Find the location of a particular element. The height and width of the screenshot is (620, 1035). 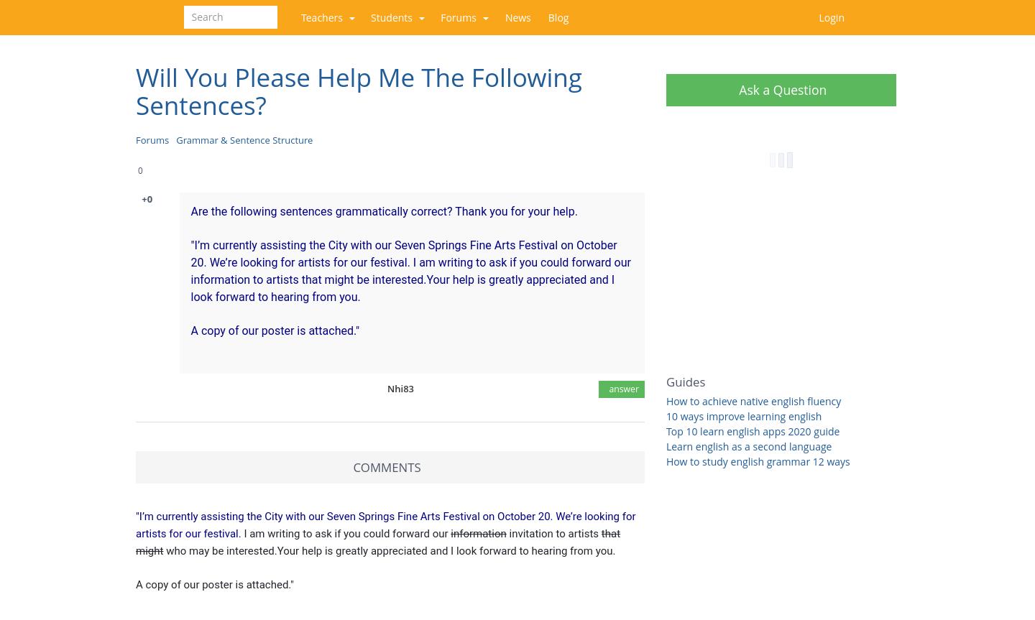

'Blog' is located at coordinates (557, 17).